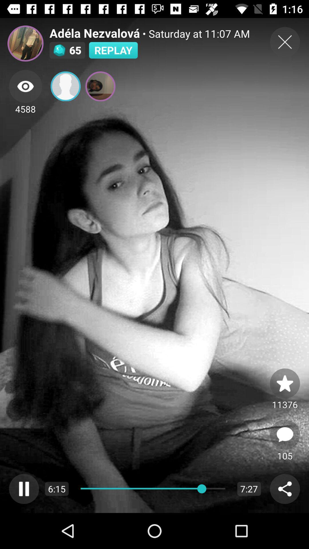 This screenshot has width=309, height=549. I want to click on the star icon, so click(285, 383).